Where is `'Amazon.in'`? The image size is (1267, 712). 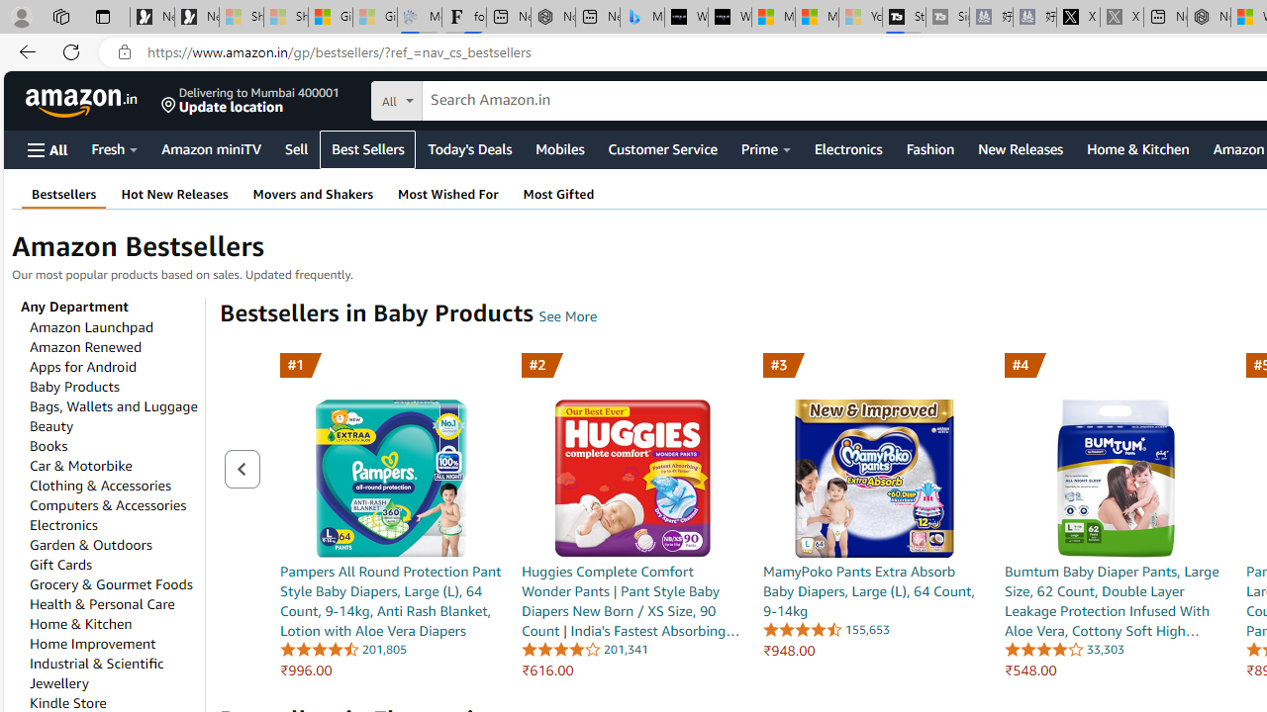
'Amazon.in' is located at coordinates (82, 100).